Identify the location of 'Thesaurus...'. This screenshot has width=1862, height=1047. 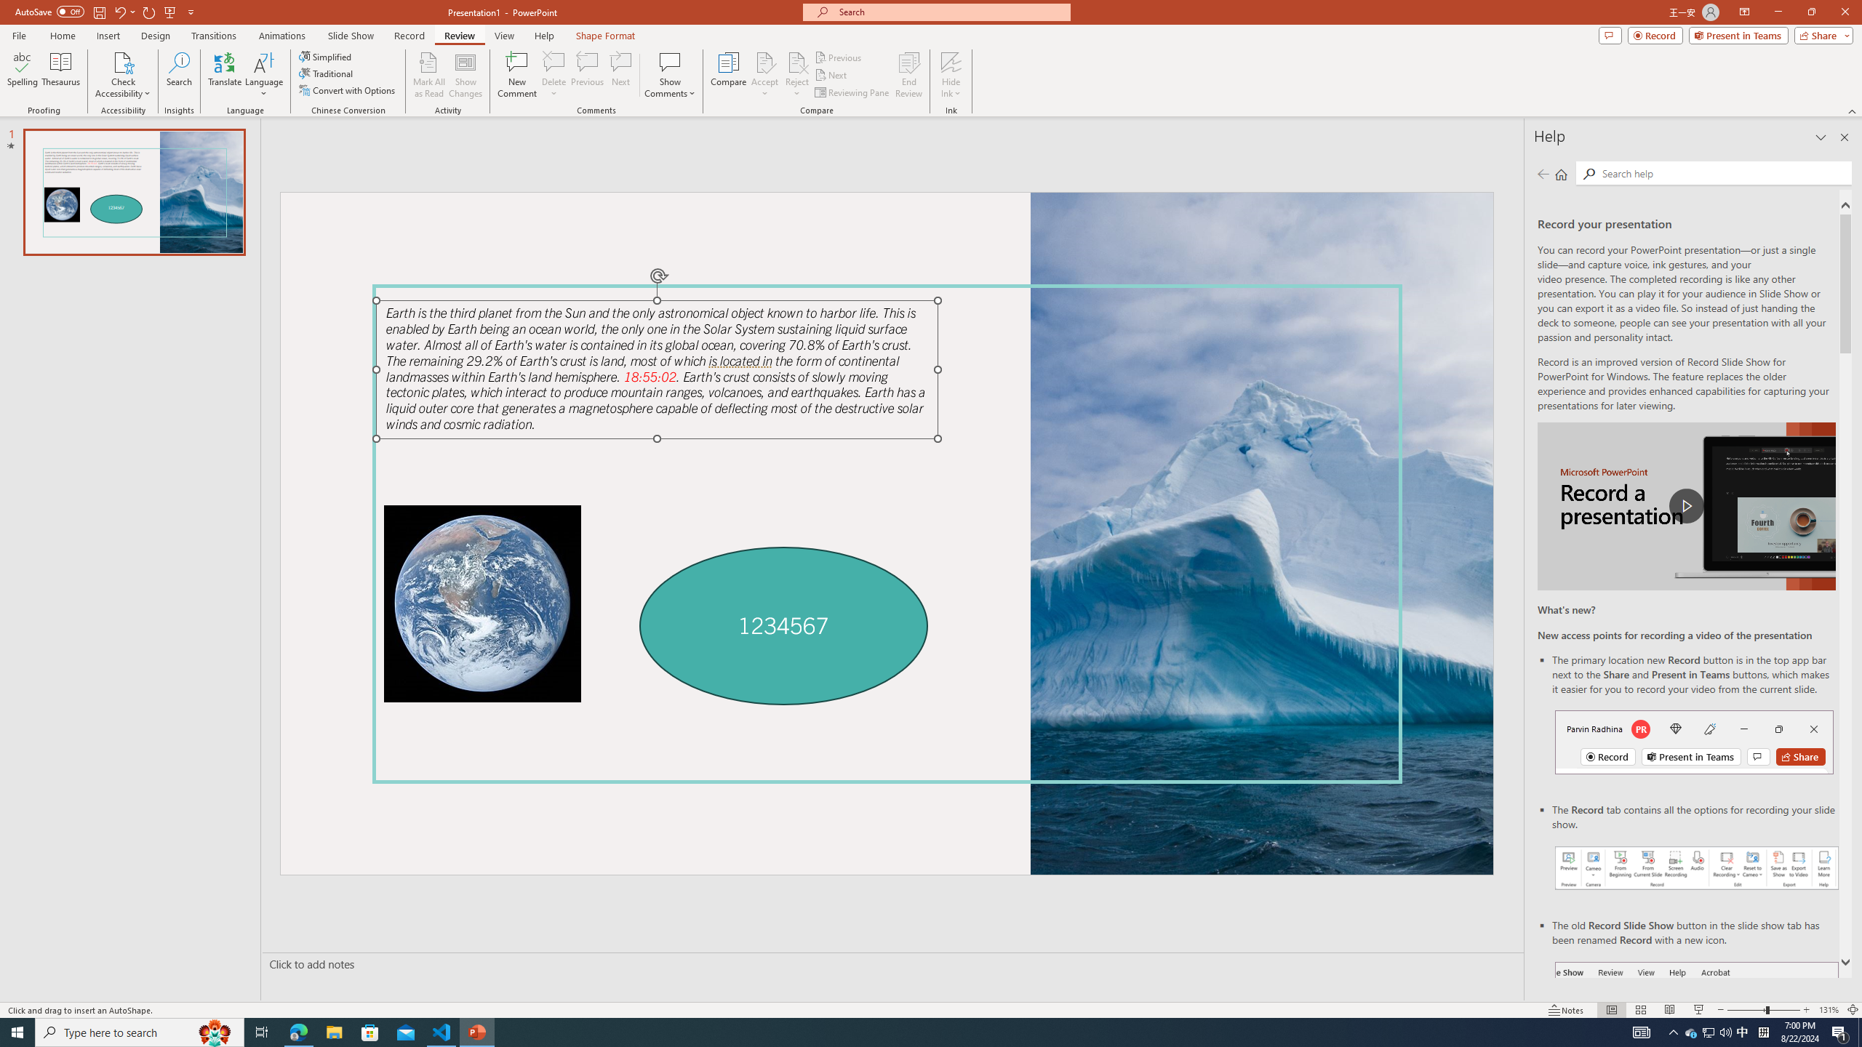
(60, 75).